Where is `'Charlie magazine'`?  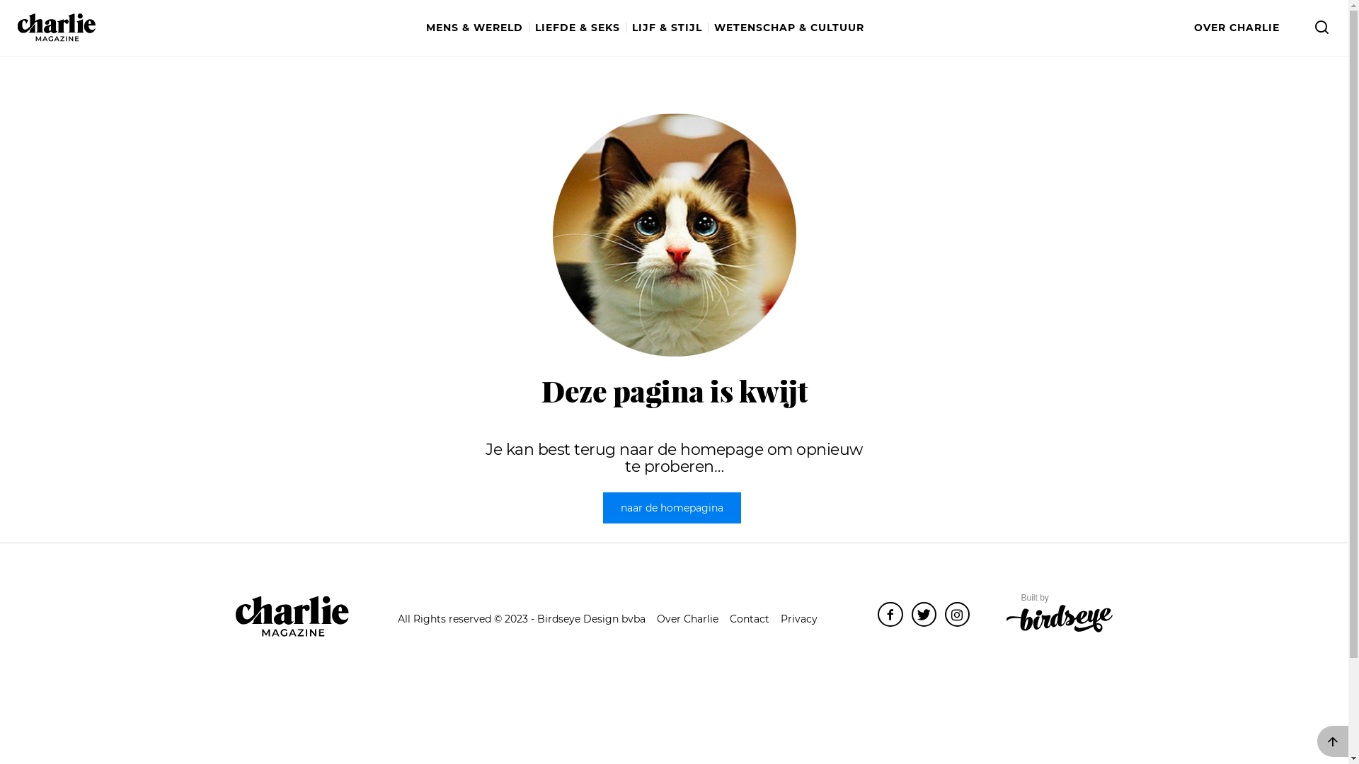 'Charlie magazine' is located at coordinates (291, 615).